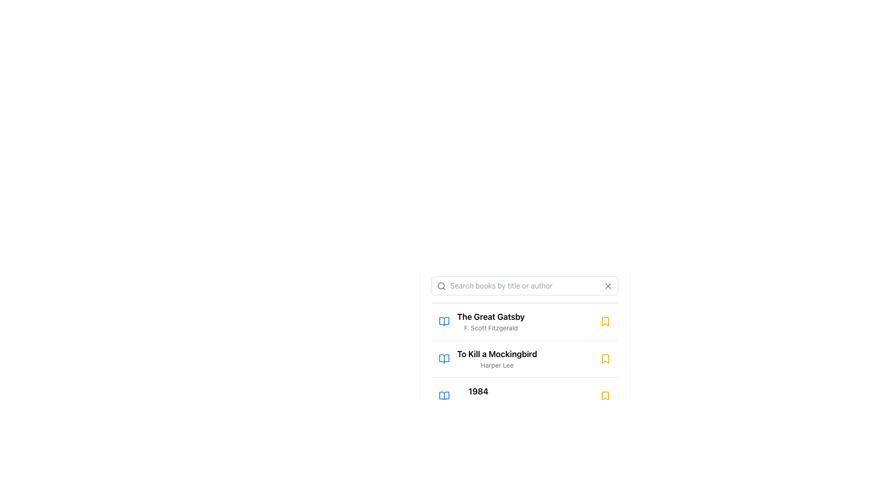 The image size is (884, 497). I want to click on the third book title and subtitle element displaying '1984' by 'George Orwell', which is positioned below 'To Kill a Mockingbird' and has a blue book icon on the left and a yellow bookmark icon on the right, so click(478, 395).